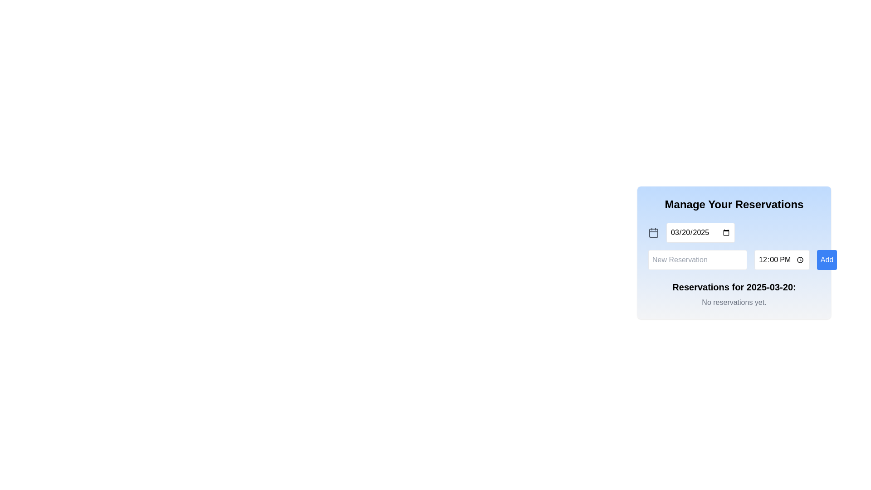 The height and width of the screenshot is (490, 871). What do you see at coordinates (827, 260) in the screenshot?
I see `the rectangular blue button labeled 'Add'` at bounding box center [827, 260].